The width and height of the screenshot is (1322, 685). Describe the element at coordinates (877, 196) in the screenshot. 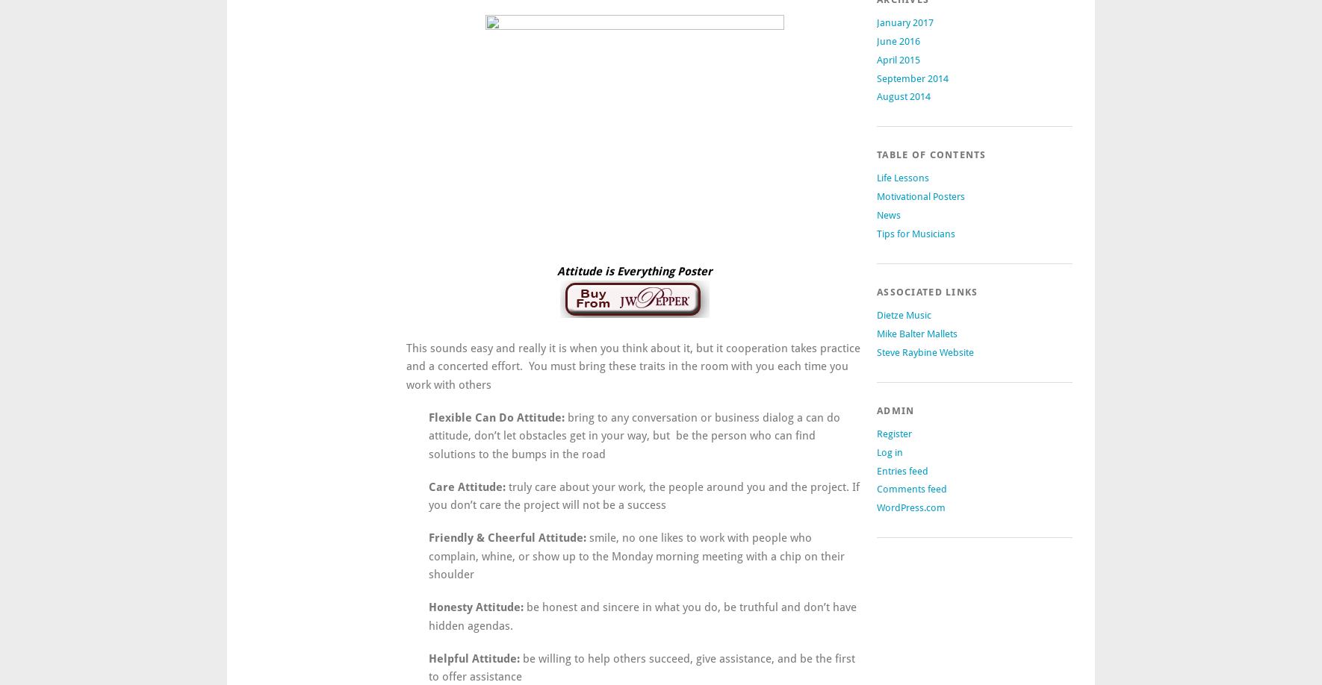

I see `'Motivational Posters'` at that location.